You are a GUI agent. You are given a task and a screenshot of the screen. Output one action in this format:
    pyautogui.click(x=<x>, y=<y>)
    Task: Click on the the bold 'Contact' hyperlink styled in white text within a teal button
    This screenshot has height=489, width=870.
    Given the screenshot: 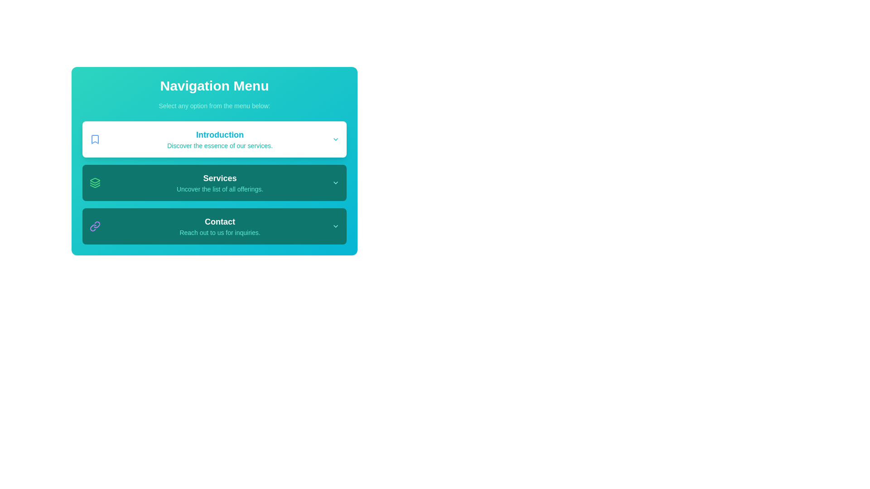 What is the action you would take?
    pyautogui.click(x=220, y=221)
    